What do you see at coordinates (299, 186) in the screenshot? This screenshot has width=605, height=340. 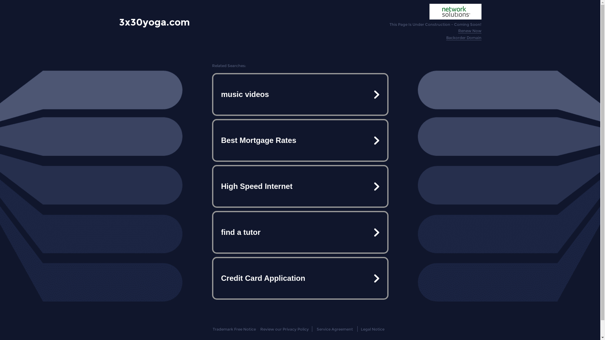 I see `'High Speed Internet'` at bounding box center [299, 186].